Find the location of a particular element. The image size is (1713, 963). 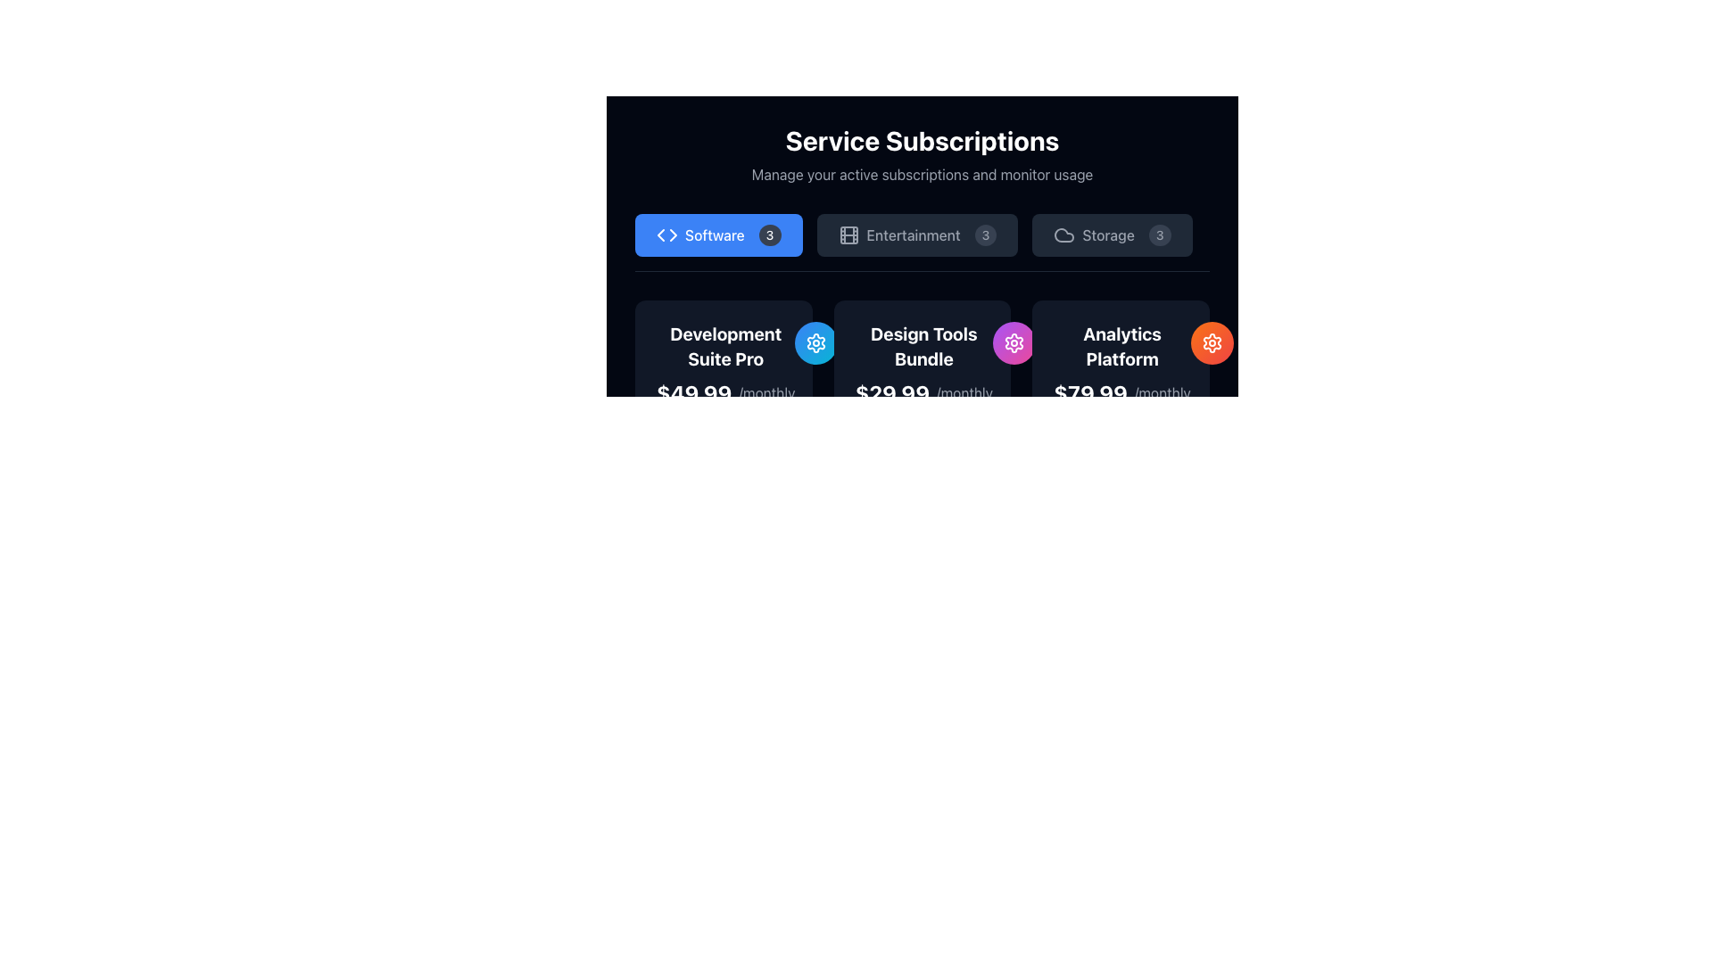

the right-pointing triangular arrow icon in the SVG graphic, which is designed for navigational purposes is located at coordinates (672, 234).